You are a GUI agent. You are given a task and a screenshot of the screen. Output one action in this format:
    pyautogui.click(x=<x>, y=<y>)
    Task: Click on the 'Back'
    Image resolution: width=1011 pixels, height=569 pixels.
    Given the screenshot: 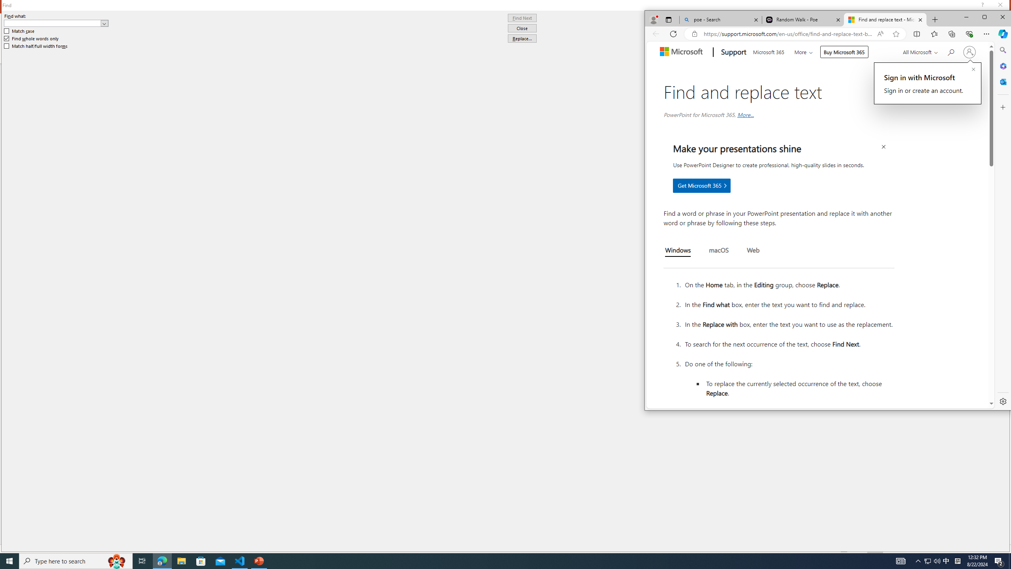 What is the action you would take?
    pyautogui.click(x=656, y=33)
    